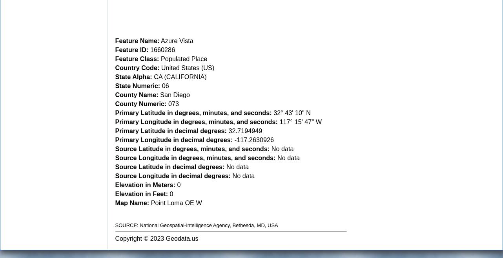 The width and height of the screenshot is (503, 258). What do you see at coordinates (169, 166) in the screenshot?
I see `'Source Latitude in decimal degrees:'` at bounding box center [169, 166].